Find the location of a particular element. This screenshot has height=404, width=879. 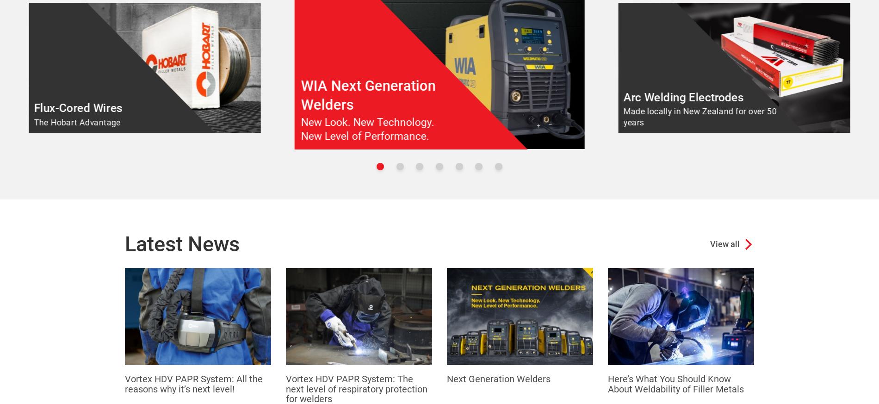

'Flux-Cored Wires' is located at coordinates (78, 107).